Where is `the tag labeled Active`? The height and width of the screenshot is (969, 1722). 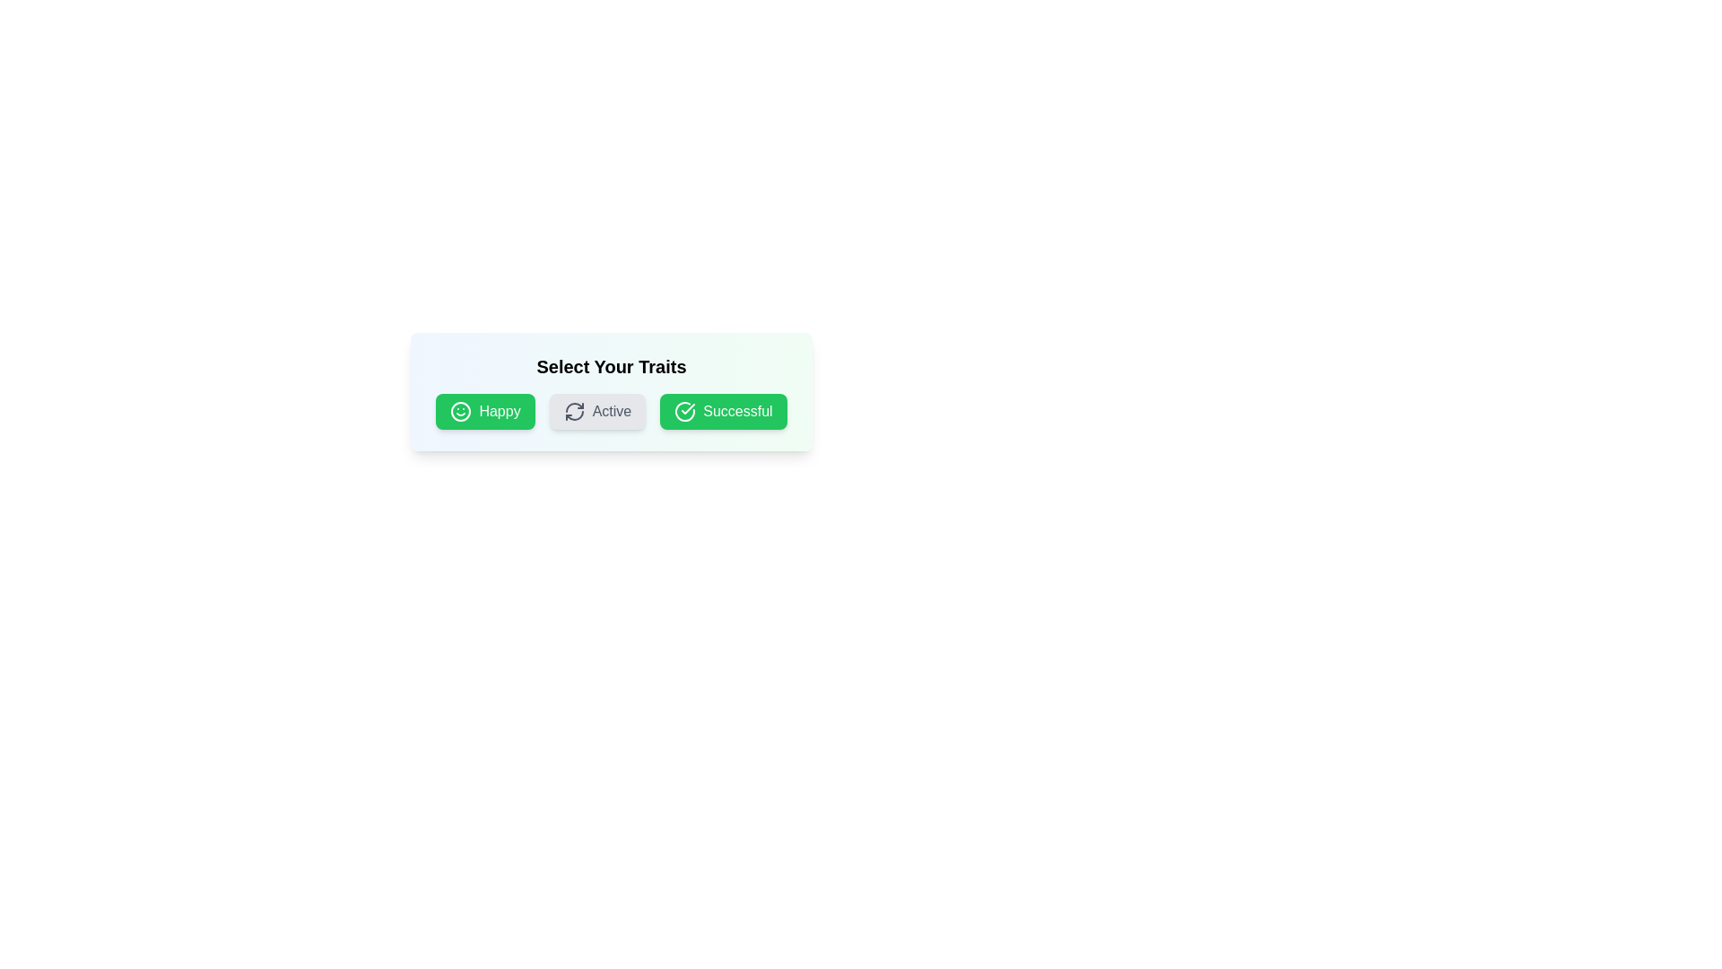
the tag labeled Active is located at coordinates (597, 412).